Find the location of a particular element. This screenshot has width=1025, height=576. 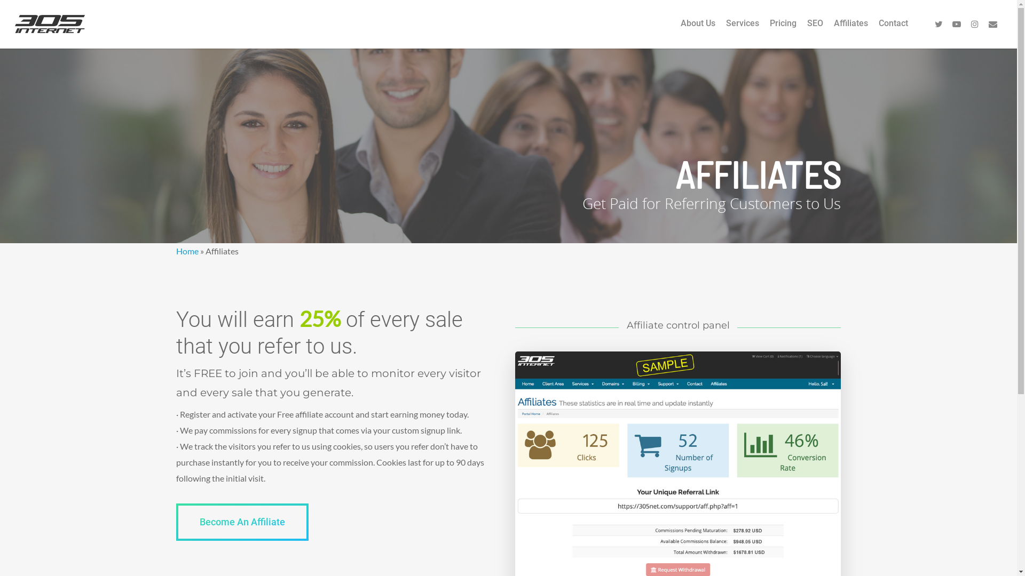

'Affiliates' is located at coordinates (850, 30).